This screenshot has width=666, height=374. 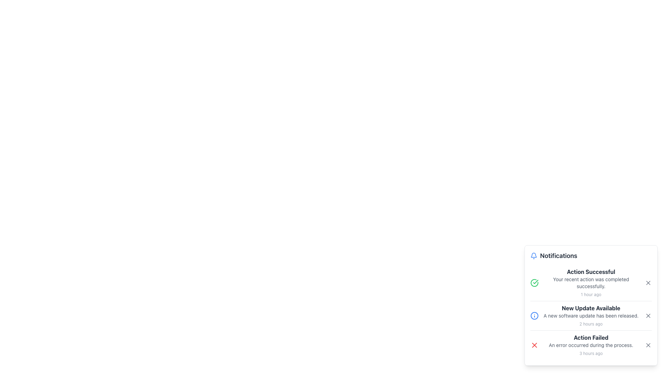 What do you see at coordinates (533, 256) in the screenshot?
I see `the bell icon that signifies notifications, located in the top-right part of the notification section, to the left of the title text 'Notifications'` at bounding box center [533, 256].